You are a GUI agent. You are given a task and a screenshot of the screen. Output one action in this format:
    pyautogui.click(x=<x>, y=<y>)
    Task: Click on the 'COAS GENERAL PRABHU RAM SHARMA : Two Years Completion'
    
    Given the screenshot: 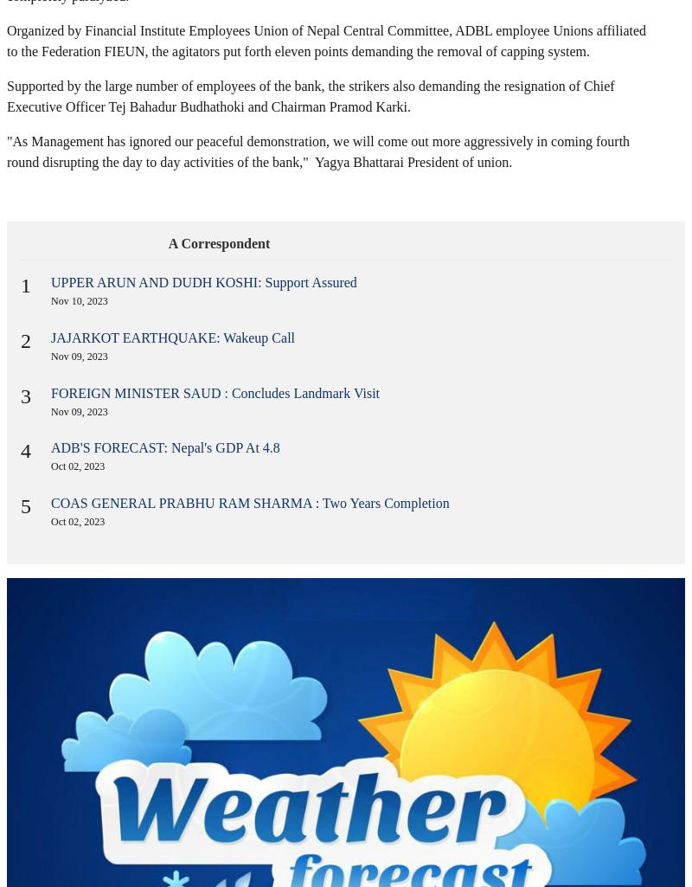 What is the action you would take?
    pyautogui.click(x=250, y=503)
    